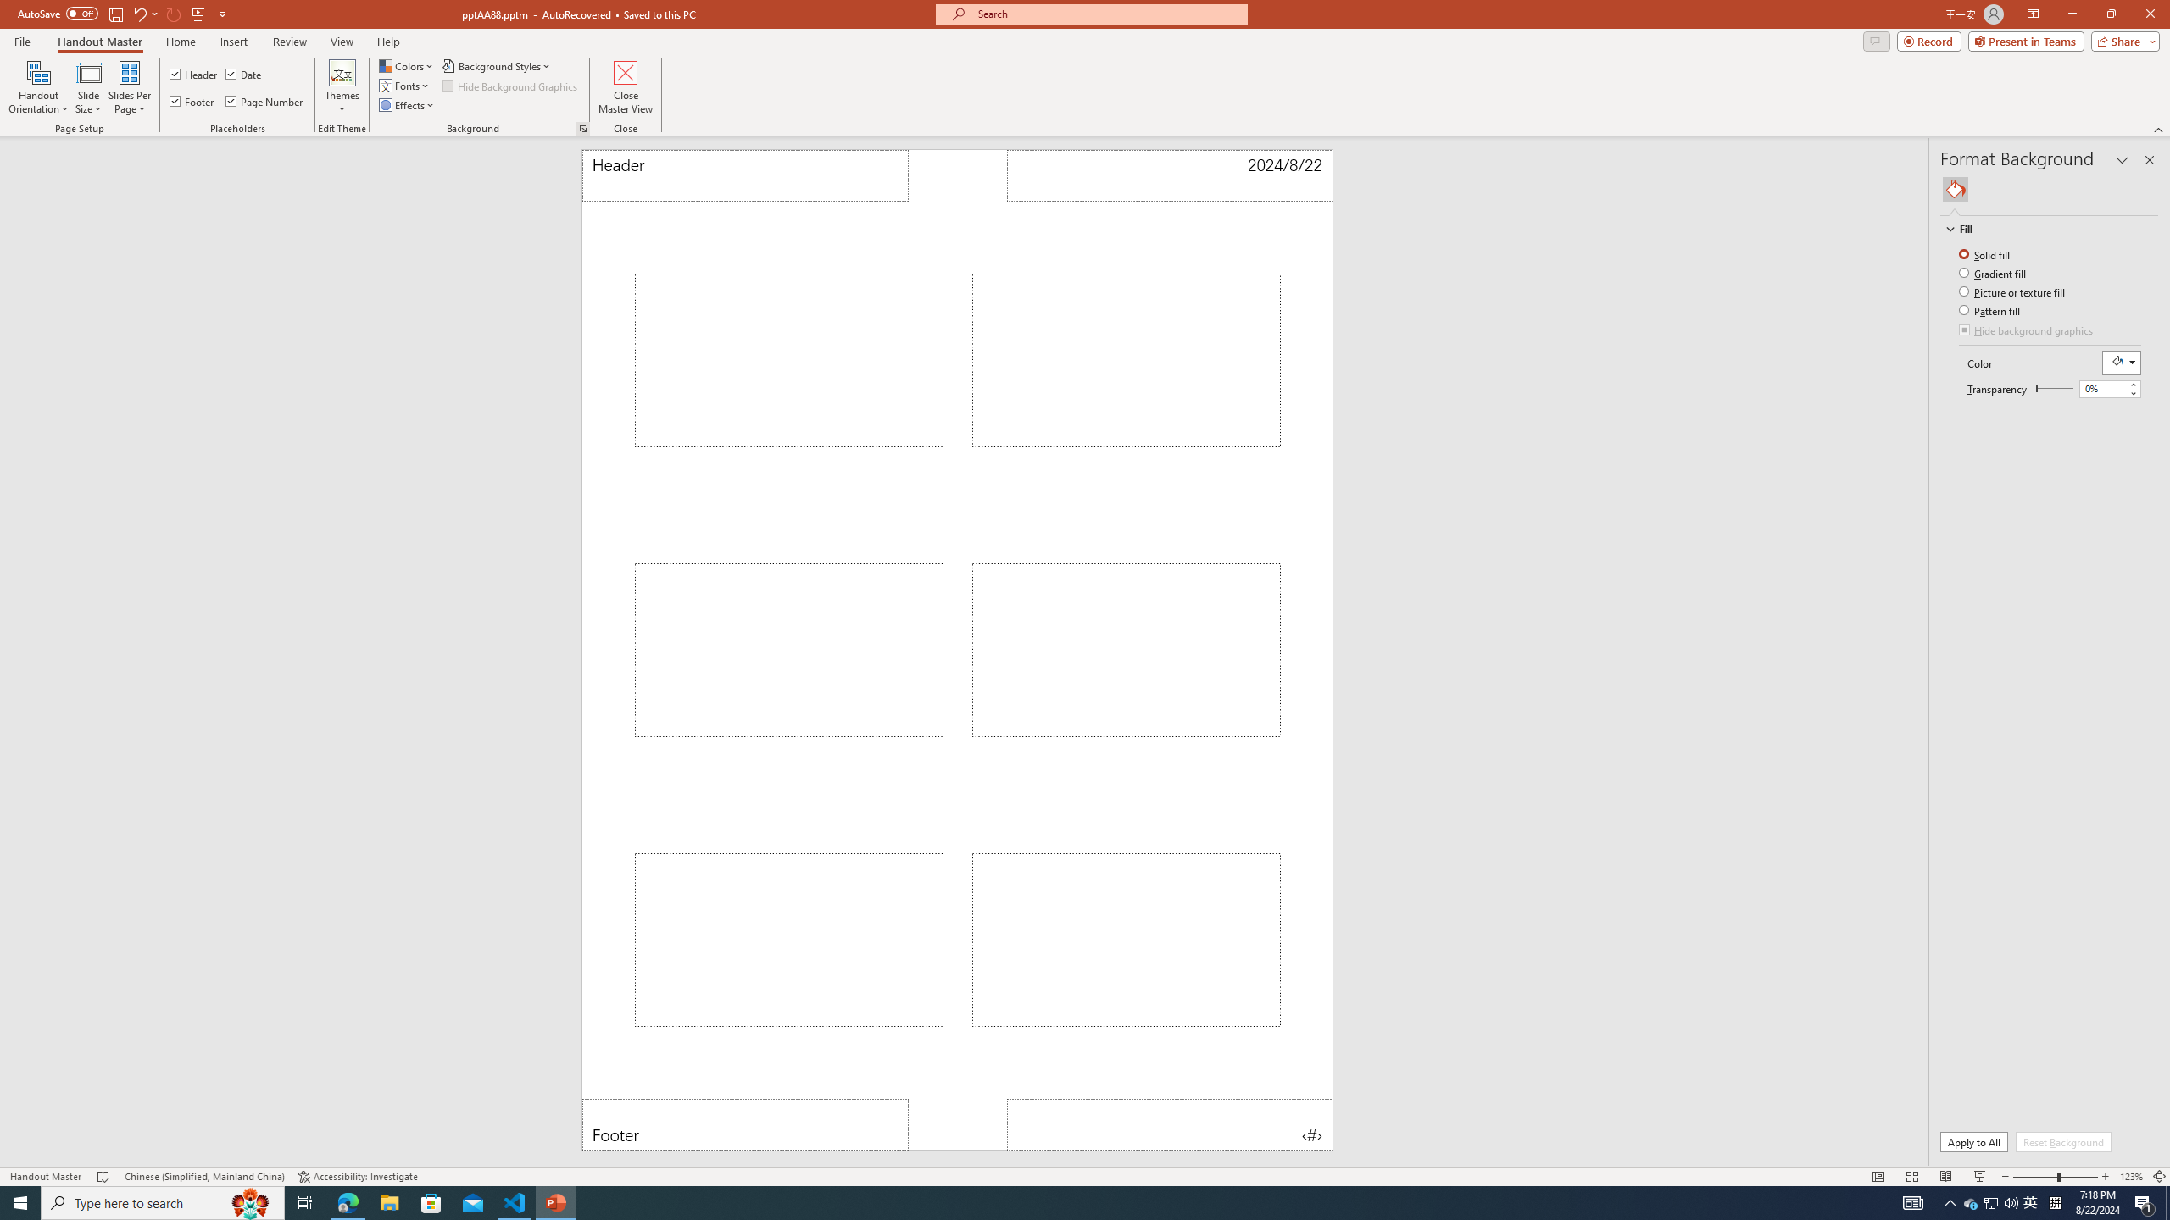 The width and height of the screenshot is (2170, 1220). I want to click on 'Less', so click(2132, 392).